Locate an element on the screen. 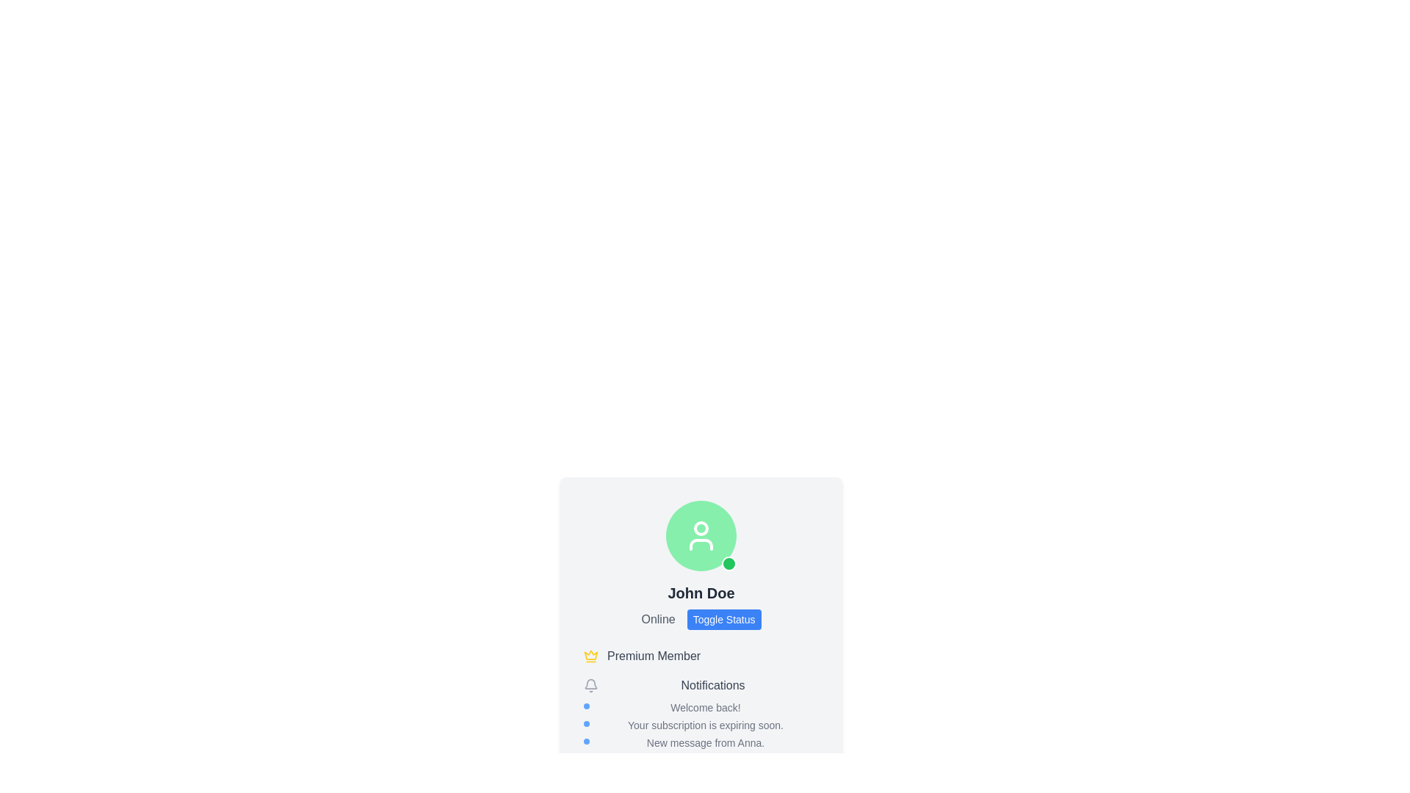  the Decorative avatar icon or profile picture, which is centrally positioned above the text 'John Doe' and near the label 'Online' and the button labeled 'Toggle Status' is located at coordinates (701, 535).